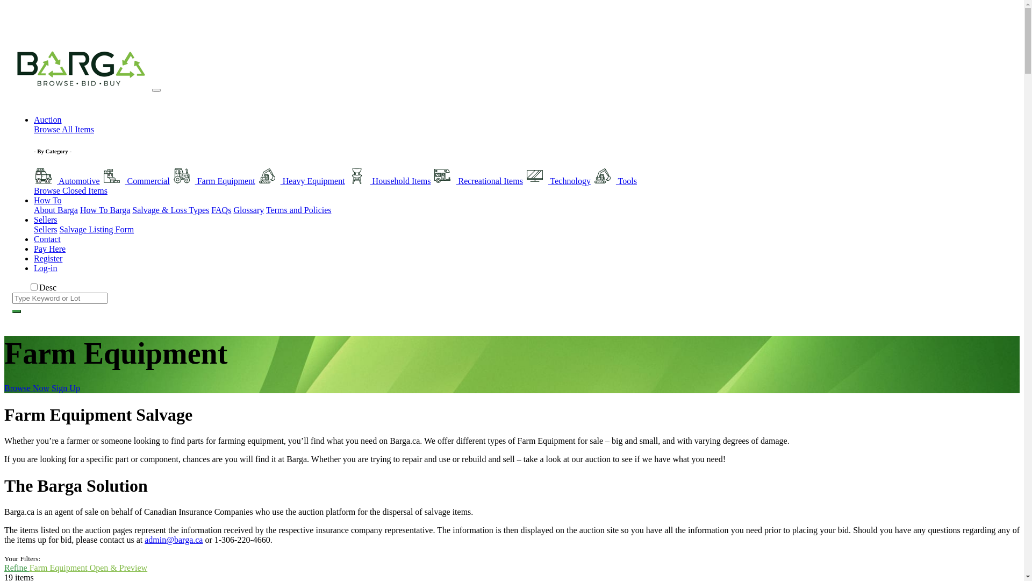 This screenshot has width=1032, height=581. What do you see at coordinates (213, 180) in the screenshot?
I see `'Farm Equipment'` at bounding box center [213, 180].